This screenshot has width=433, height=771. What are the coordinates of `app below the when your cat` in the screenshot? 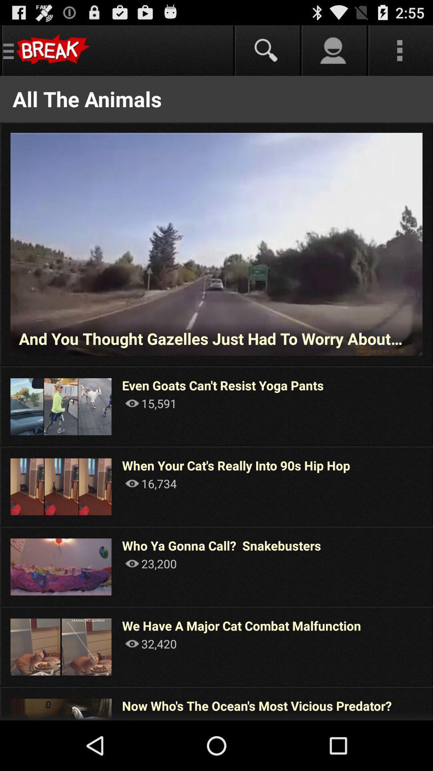 It's located at (151, 483).